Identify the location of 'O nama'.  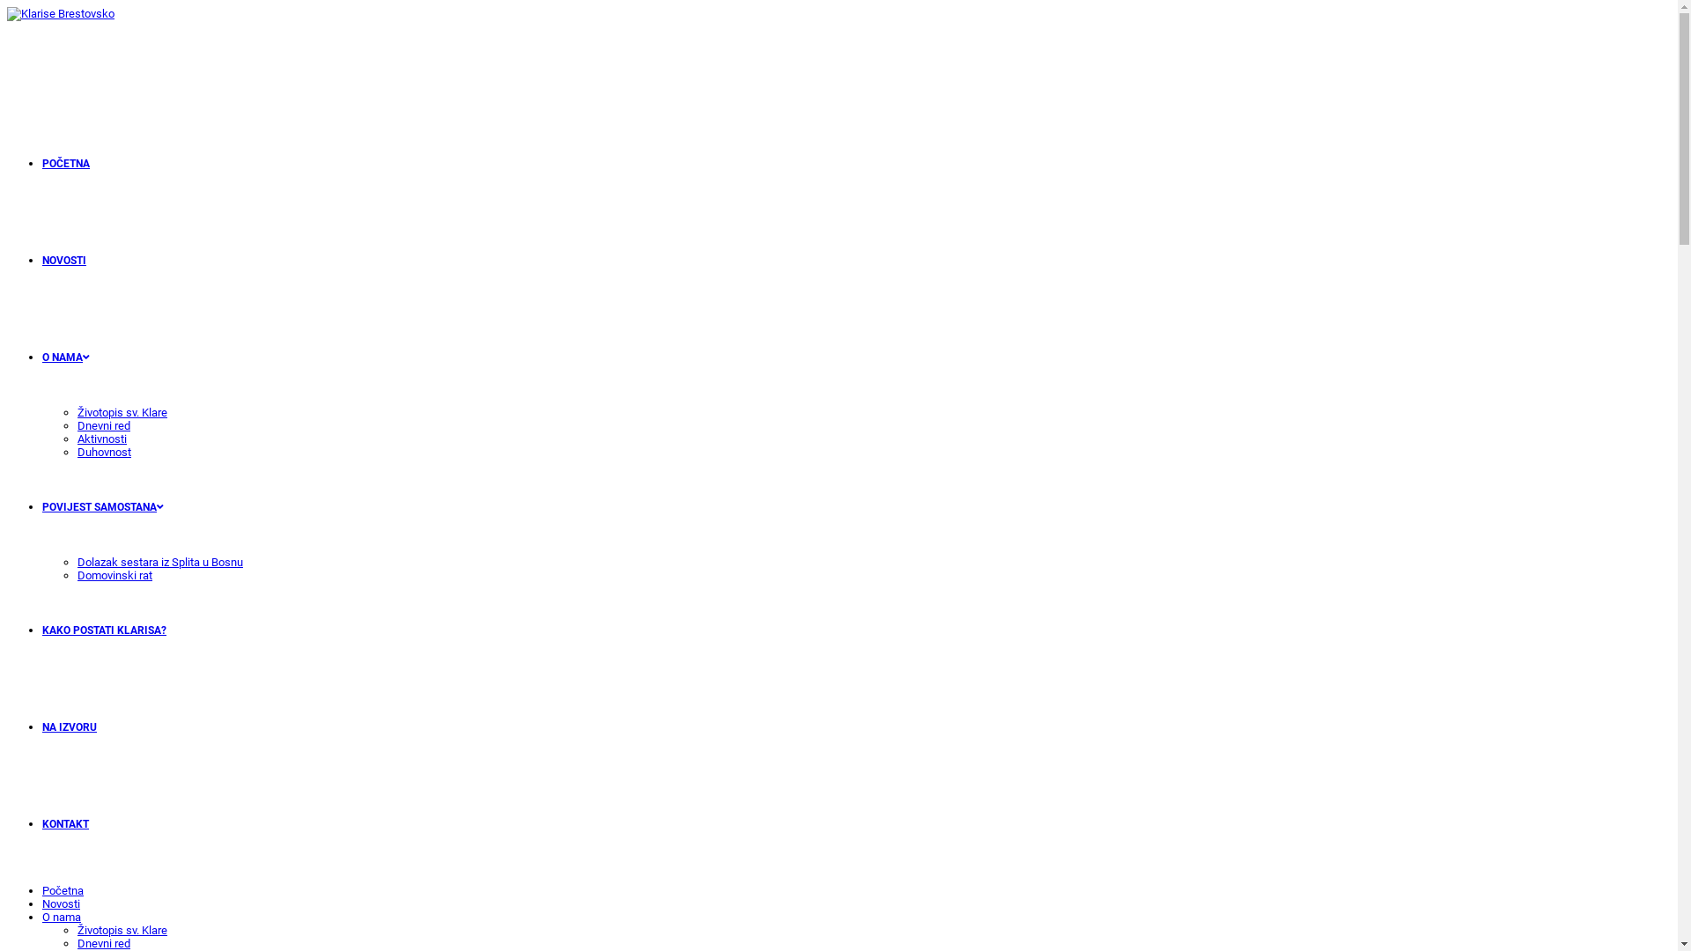
(62, 916).